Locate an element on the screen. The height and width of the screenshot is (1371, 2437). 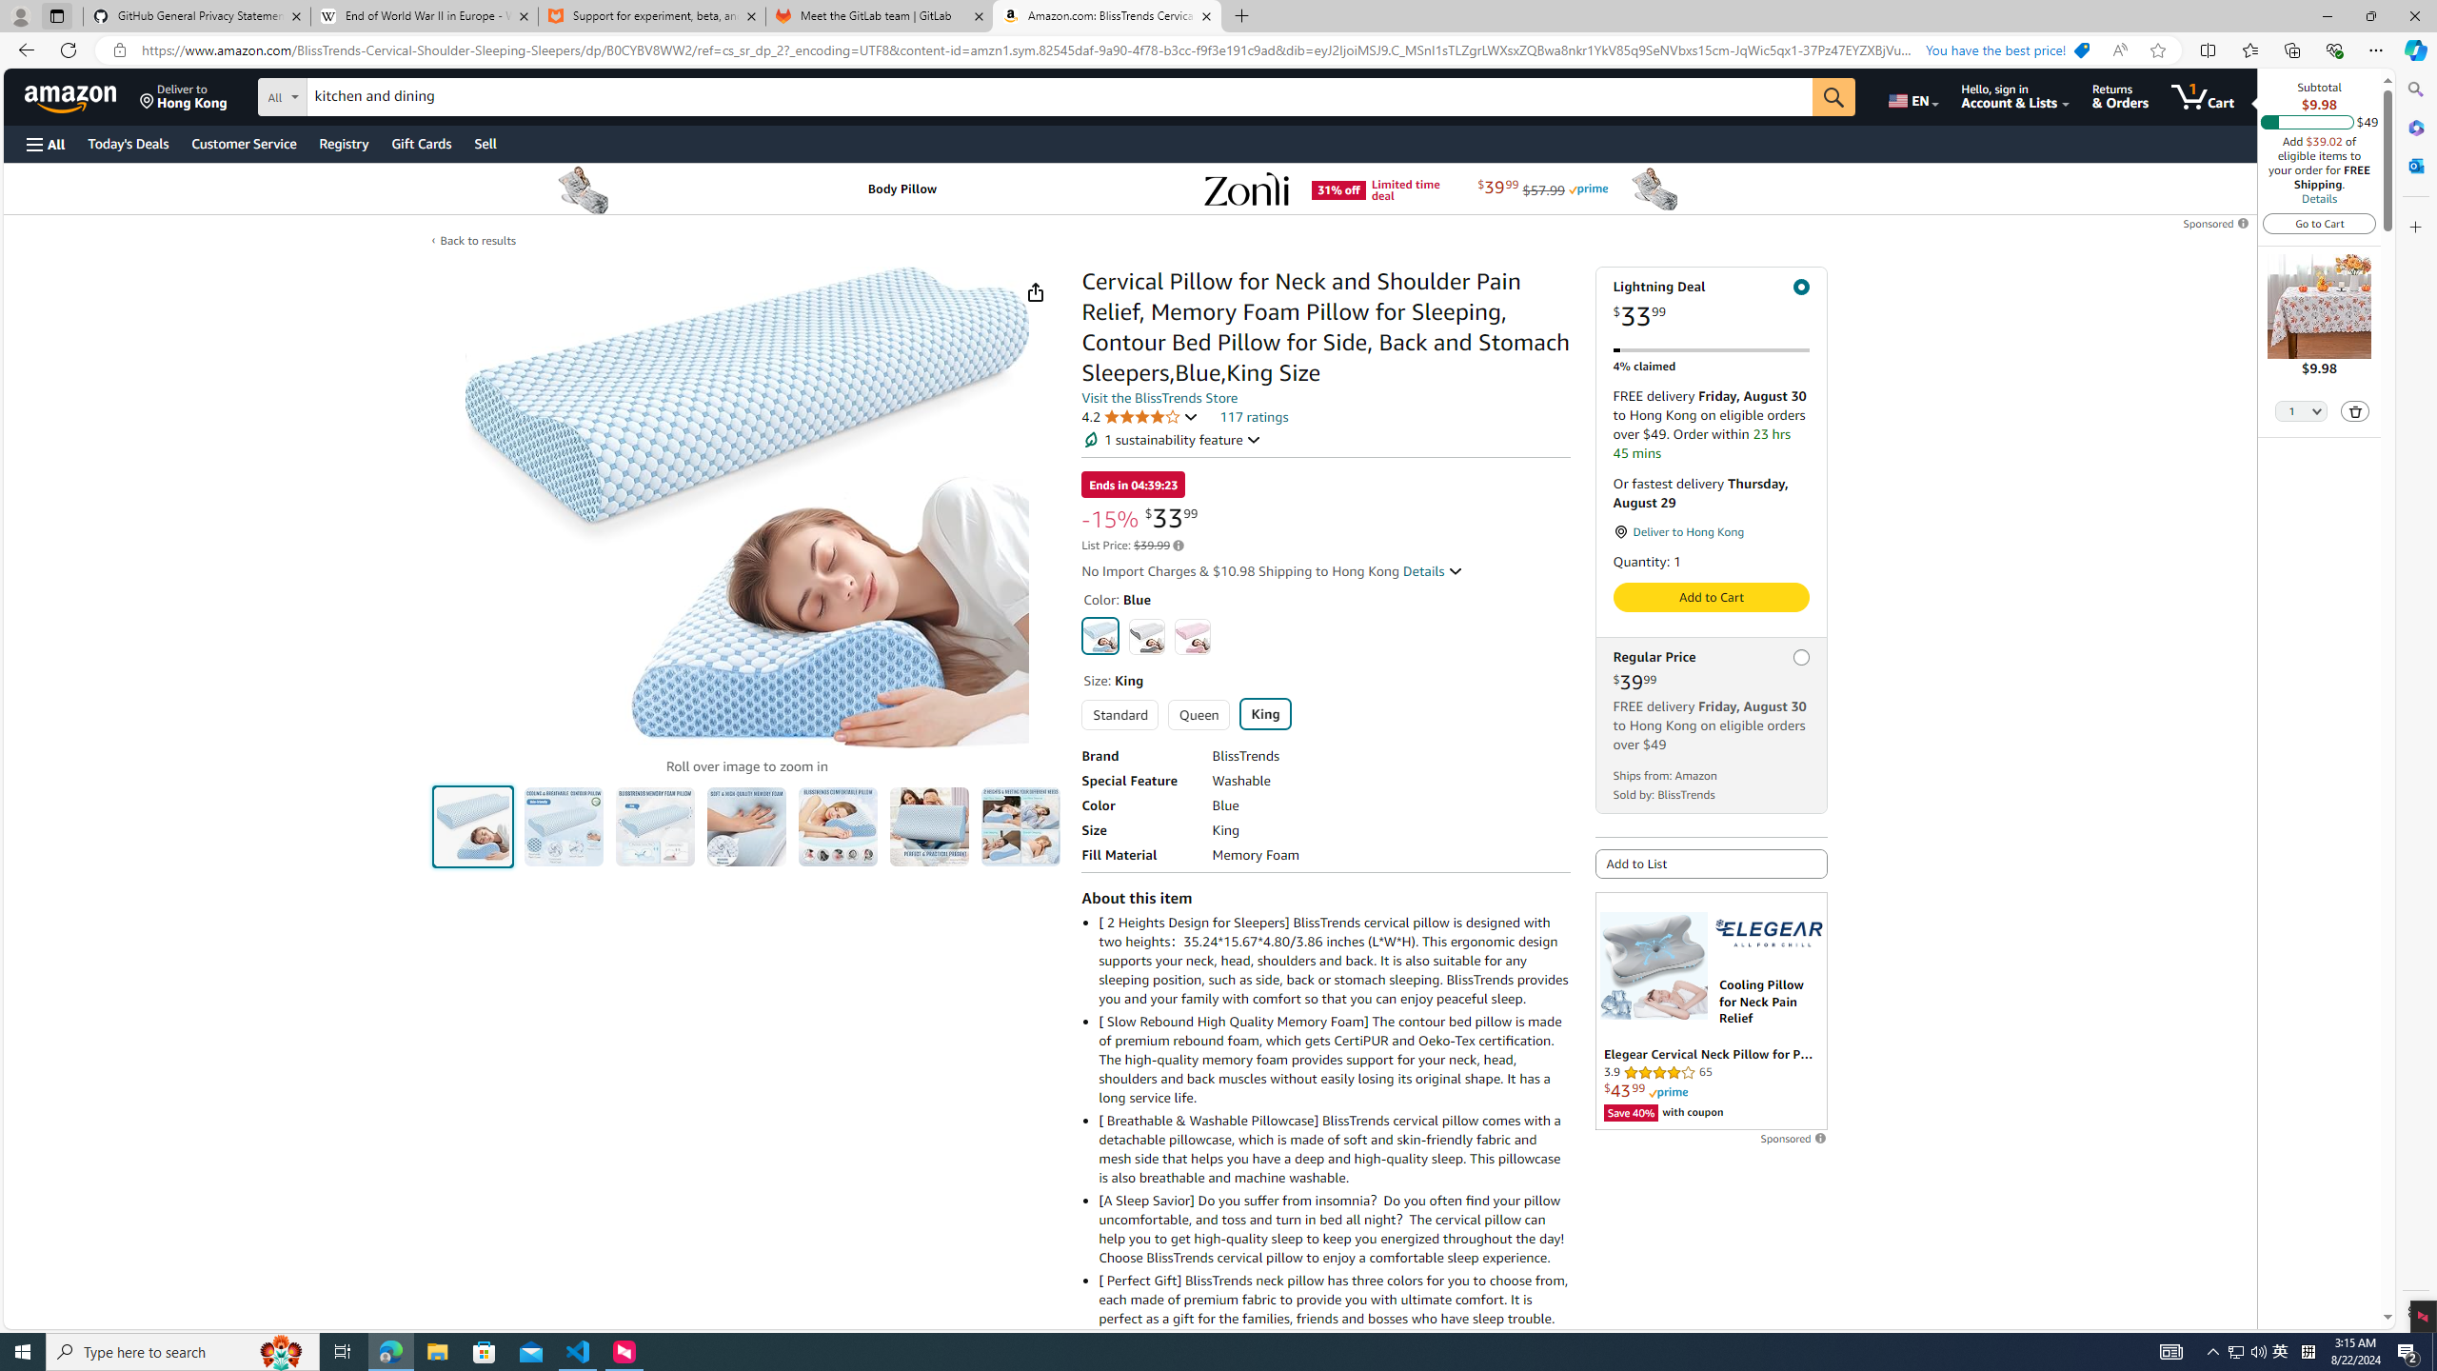
'Open Menu' is located at coordinates (44, 143).